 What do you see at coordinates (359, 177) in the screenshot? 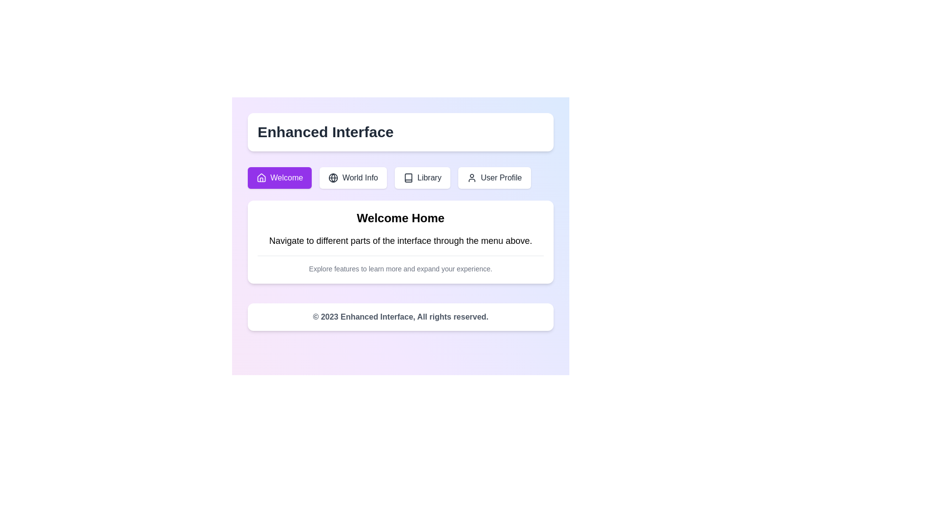
I see `text content of the 'World Info' label located within the navigation area, specifically the second interactive option from the left` at bounding box center [359, 177].